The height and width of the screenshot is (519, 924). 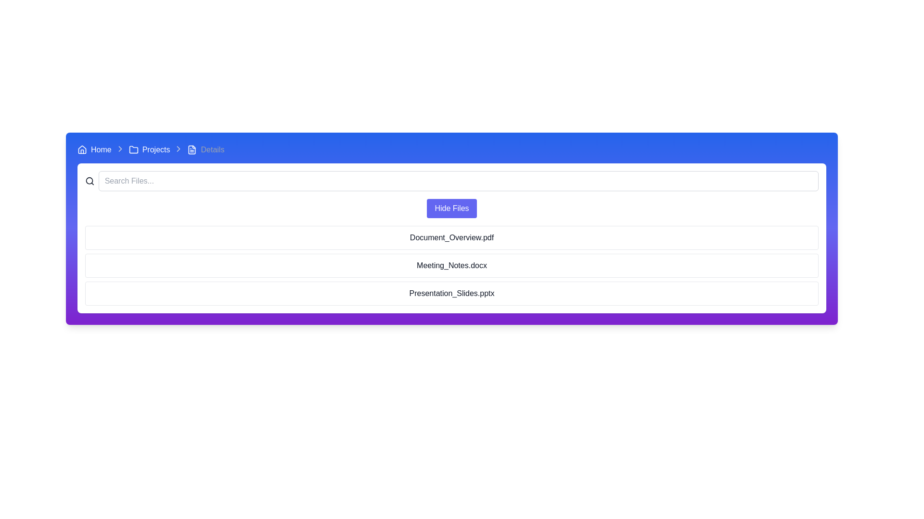 What do you see at coordinates (119, 150) in the screenshot?
I see `the Chevron icon located in the breadcrumb navigation bar between the 'Home' and 'Projects' labels` at bounding box center [119, 150].